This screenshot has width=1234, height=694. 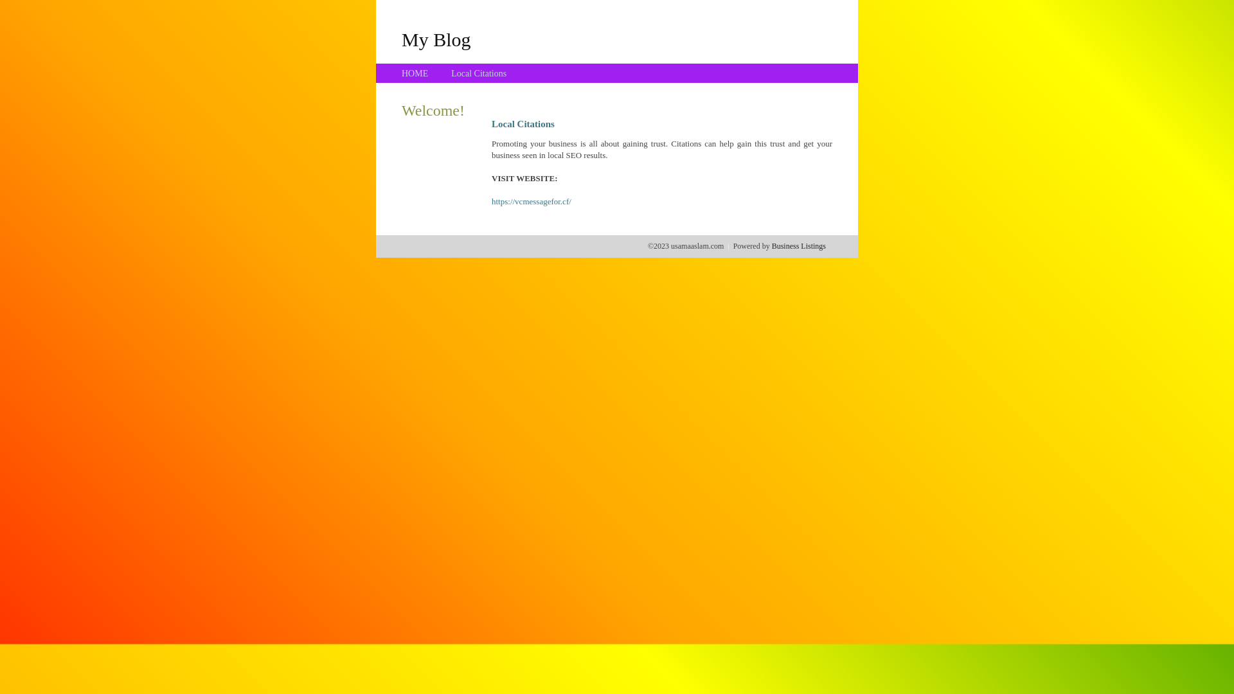 What do you see at coordinates (531, 201) in the screenshot?
I see `'https://vcmessagefor.cf/'` at bounding box center [531, 201].